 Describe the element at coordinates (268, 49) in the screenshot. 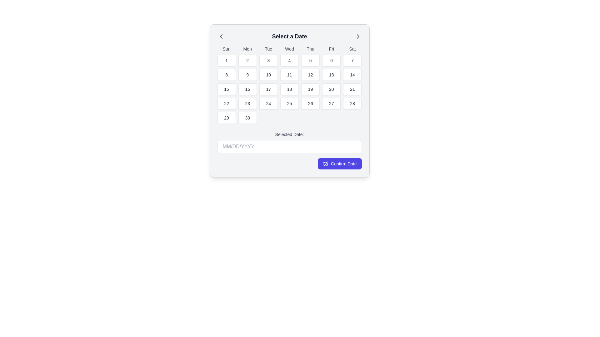

I see `the third weekday label in the header row of the calendar grid interface to identify the corresponding day of the week` at that location.